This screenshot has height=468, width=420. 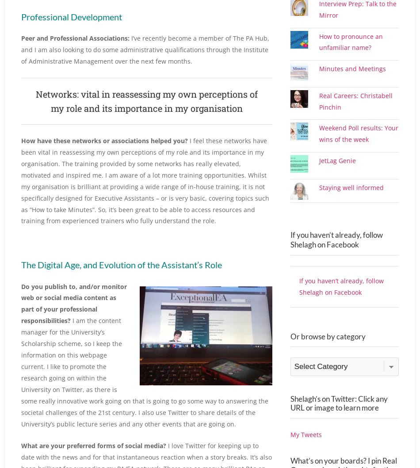 What do you see at coordinates (145, 49) in the screenshot?
I see `'I’ve recently become a member of The PA Hub, and I am also looking to do some administrative qualifications through the Institute of Administrative Management over the next few months.'` at bounding box center [145, 49].